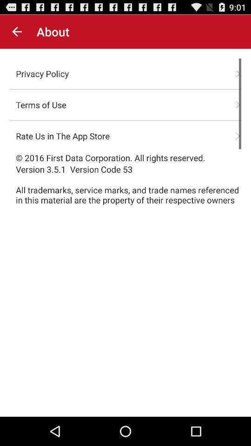  Describe the element at coordinates (17, 32) in the screenshot. I see `the item above privacy policy app` at that location.